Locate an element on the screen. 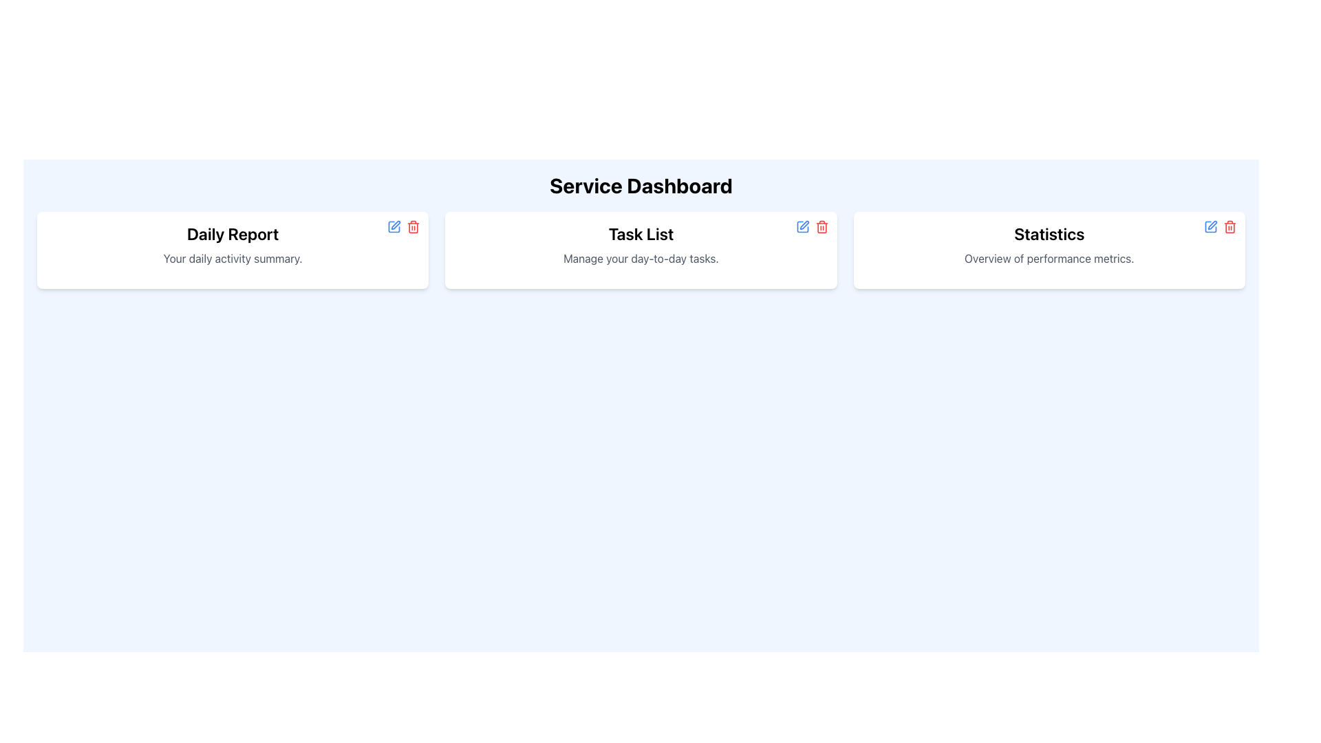 The height and width of the screenshot is (743, 1321). the text block styled with gray color that contains 'Overview of performance metrics.' positioned below the header 'Statistics' is located at coordinates (1049, 258).